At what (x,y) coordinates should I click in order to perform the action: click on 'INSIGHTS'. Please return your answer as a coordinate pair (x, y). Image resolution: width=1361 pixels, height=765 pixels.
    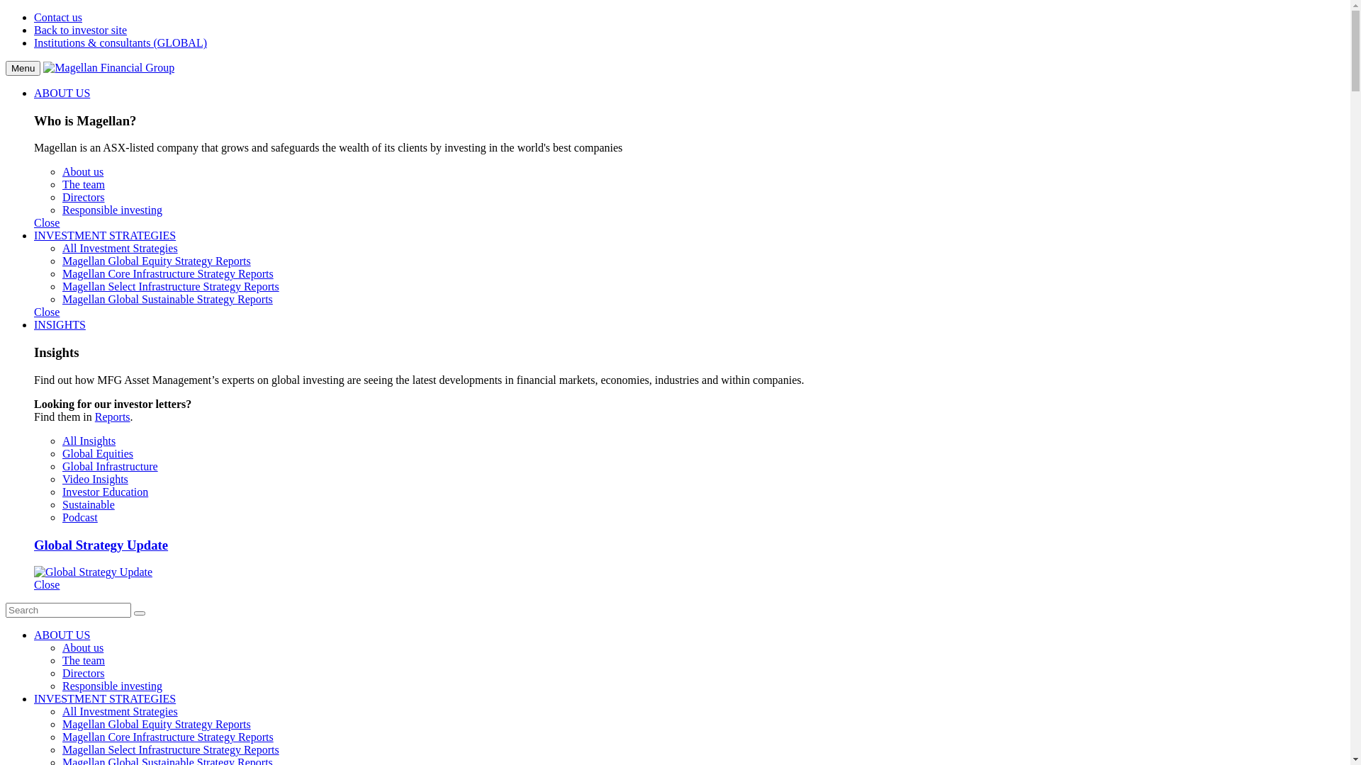
    Looking at the image, I should click on (59, 324).